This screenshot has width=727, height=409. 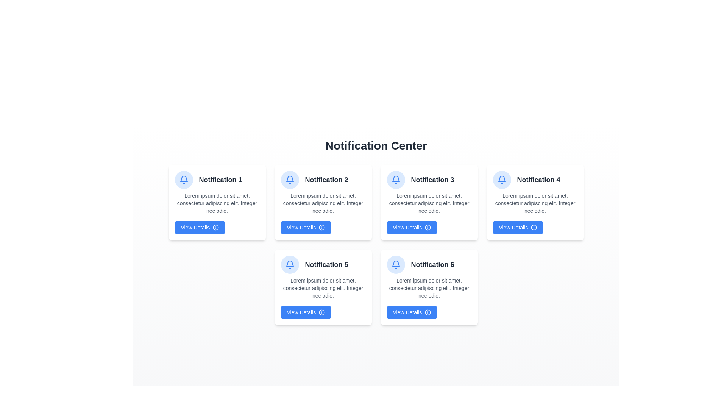 What do you see at coordinates (289, 180) in the screenshot?
I see `the bell-shaped notification icon with a blue color outline located in the top-left corner of 'Notification 1'` at bounding box center [289, 180].